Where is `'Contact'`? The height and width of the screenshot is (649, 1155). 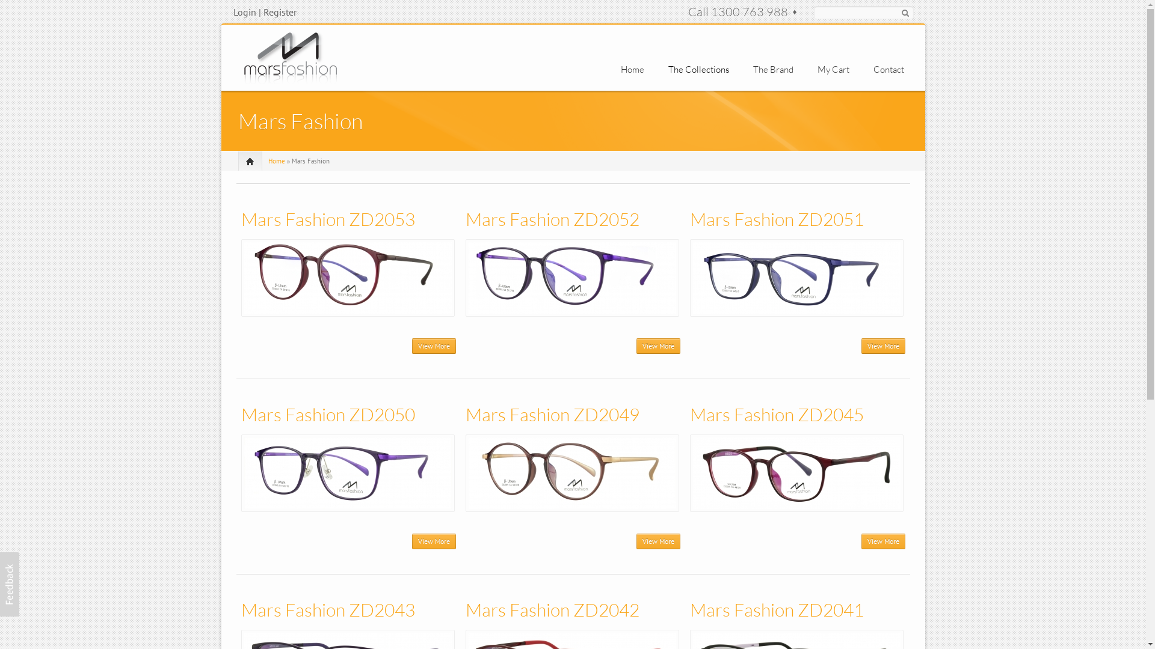 'Contact' is located at coordinates (873, 69).